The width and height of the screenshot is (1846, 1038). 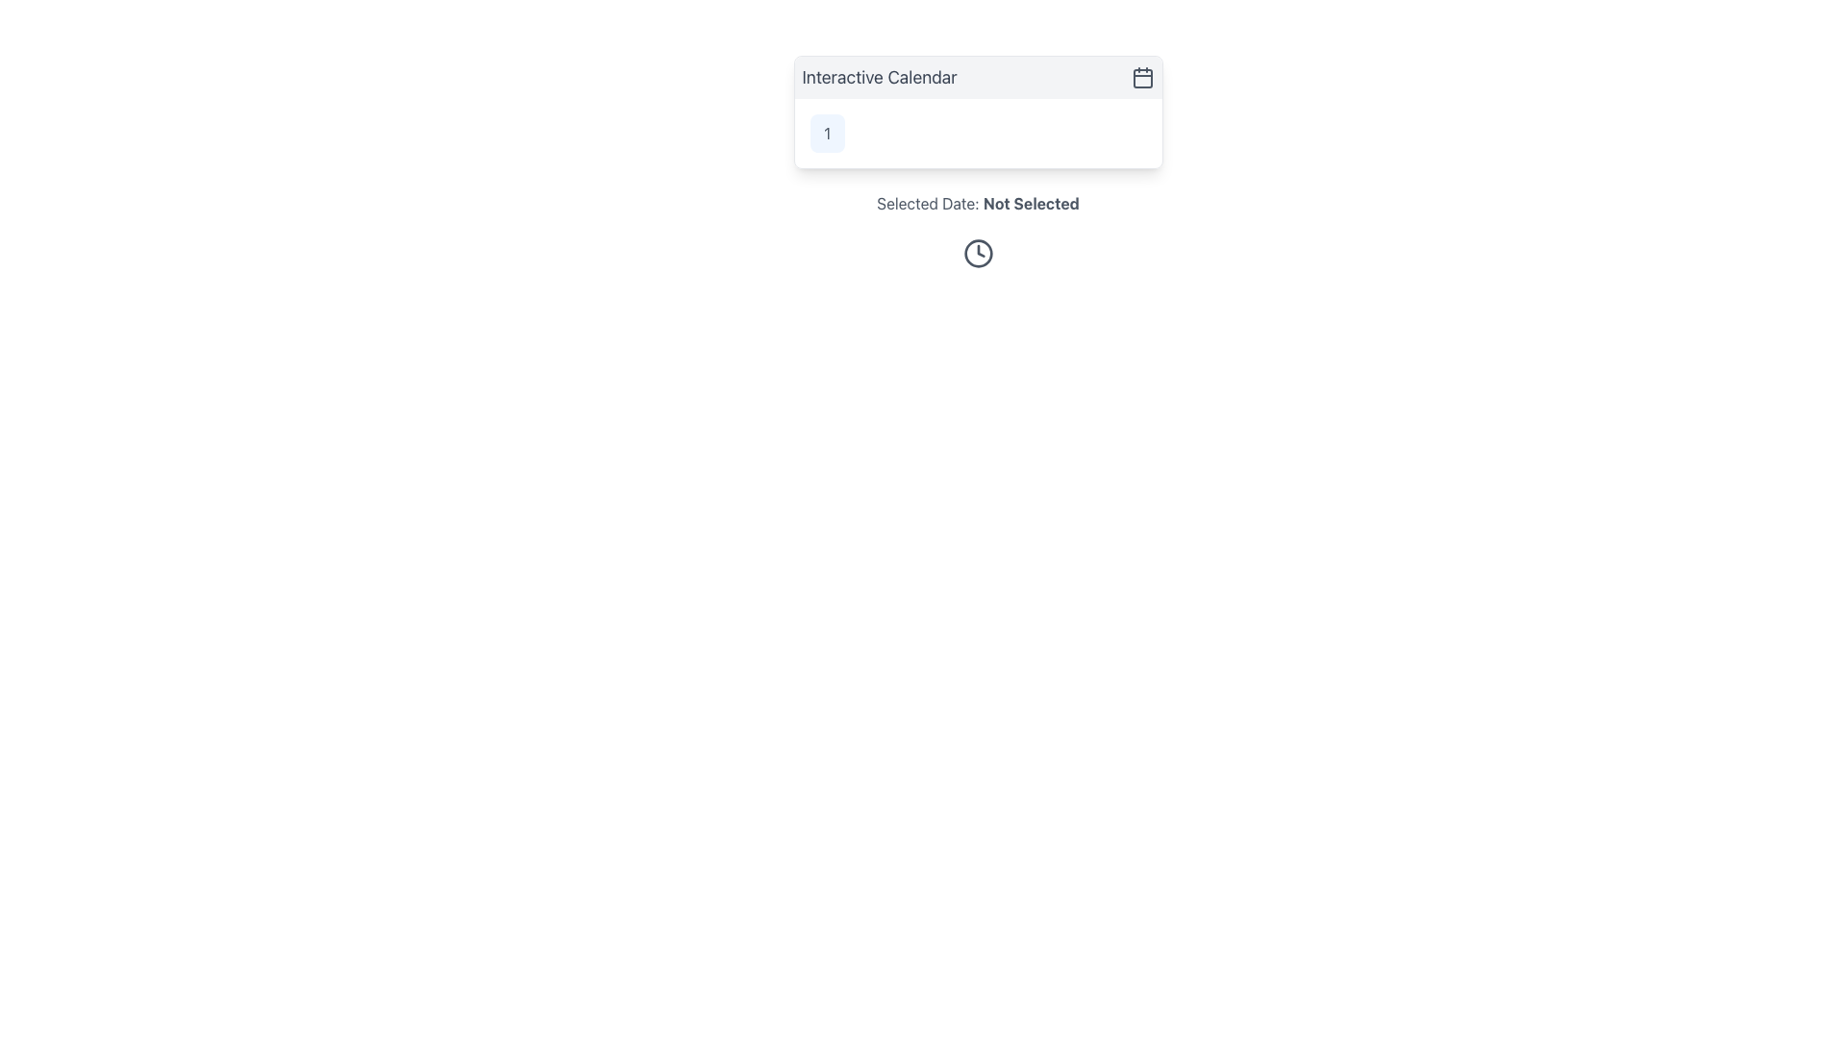 What do you see at coordinates (1142, 77) in the screenshot?
I see `the central decorative component of the calendar icon, which is surrounded by other decorative lines and shapes` at bounding box center [1142, 77].